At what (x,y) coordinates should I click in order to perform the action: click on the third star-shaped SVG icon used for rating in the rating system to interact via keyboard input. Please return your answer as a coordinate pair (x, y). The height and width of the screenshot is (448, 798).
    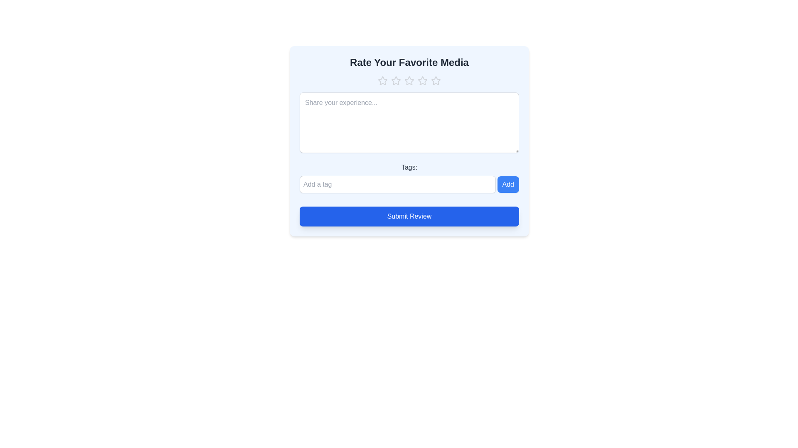
    Looking at the image, I should click on (409, 80).